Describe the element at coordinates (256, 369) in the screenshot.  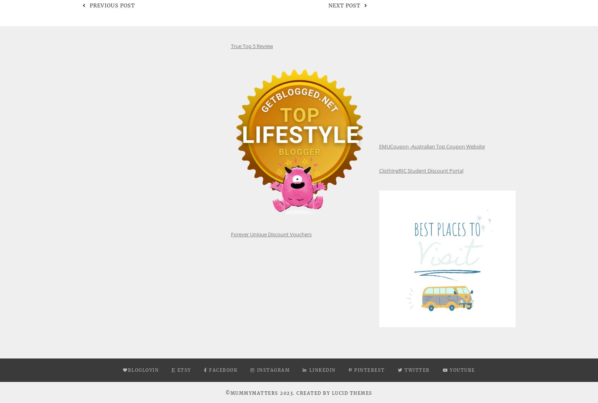
I see `'Instagram'` at that location.